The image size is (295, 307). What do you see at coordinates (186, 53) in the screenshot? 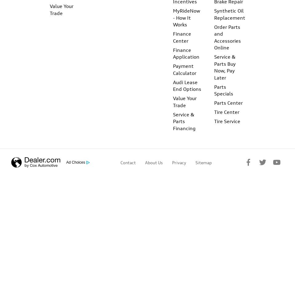
I see `'Finance Application'` at bounding box center [186, 53].